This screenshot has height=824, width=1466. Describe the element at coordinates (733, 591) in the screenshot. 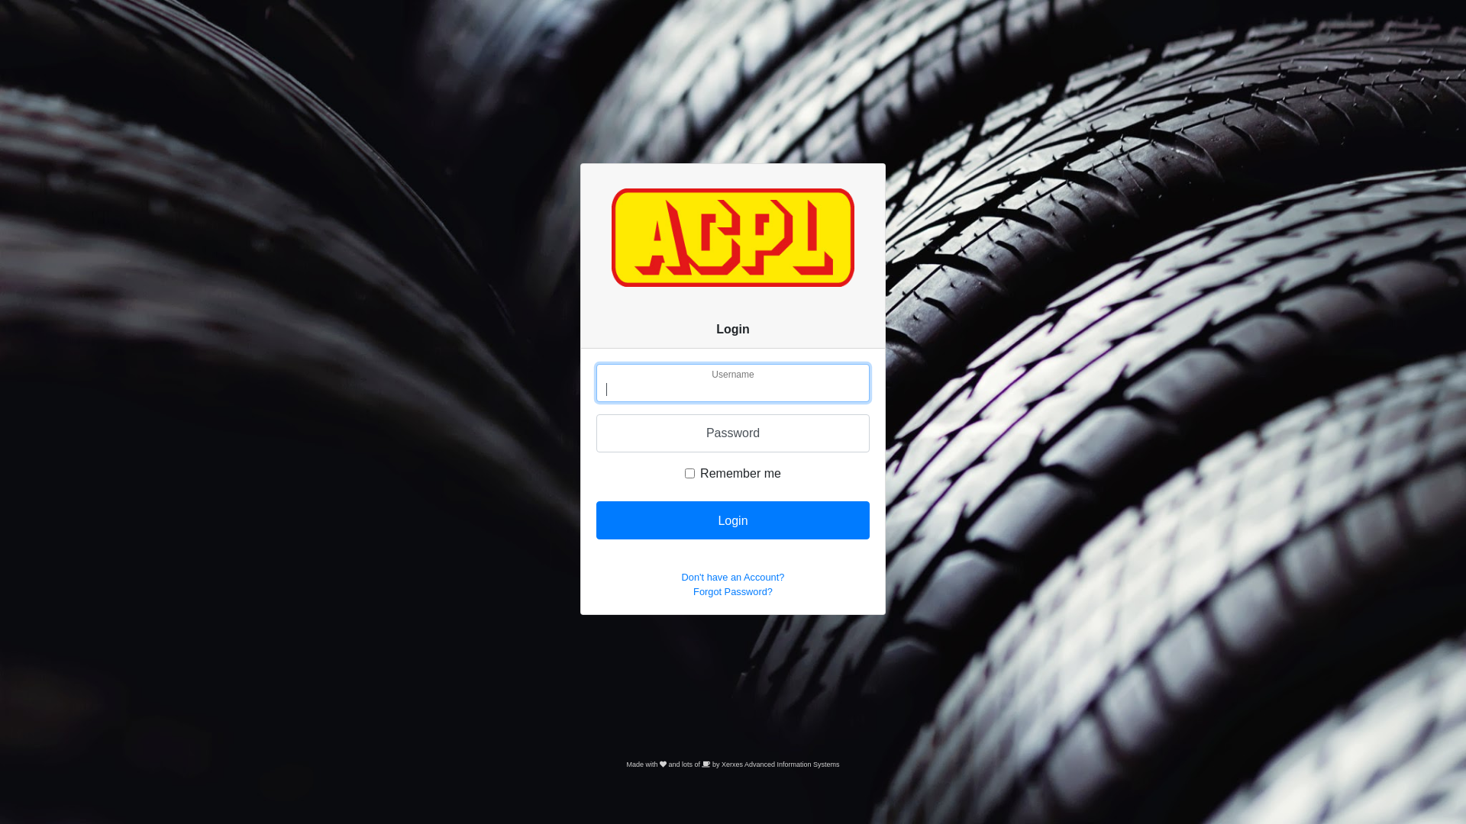

I see `'Forgot Password?'` at that location.